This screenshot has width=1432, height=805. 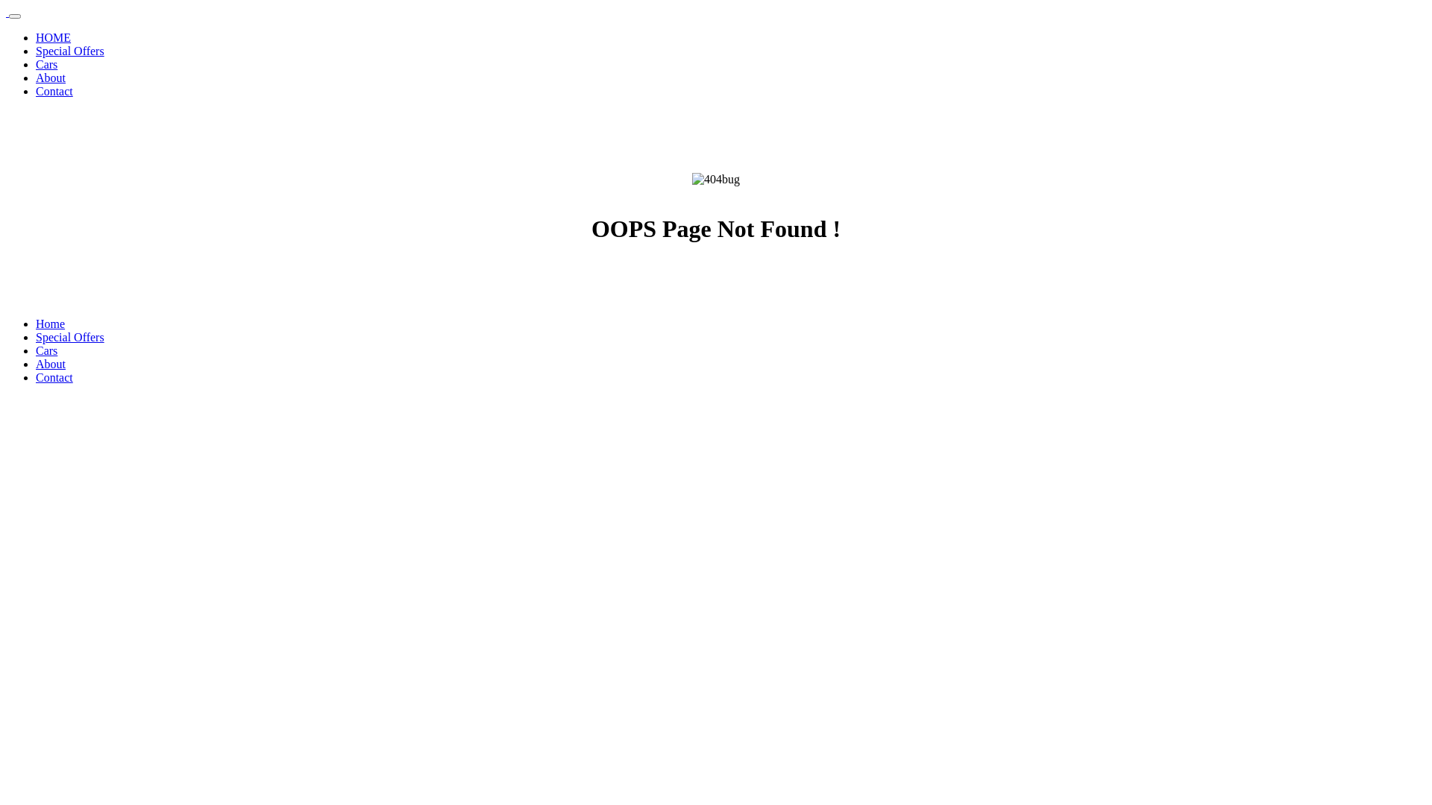 I want to click on 'Cars', so click(x=46, y=350).